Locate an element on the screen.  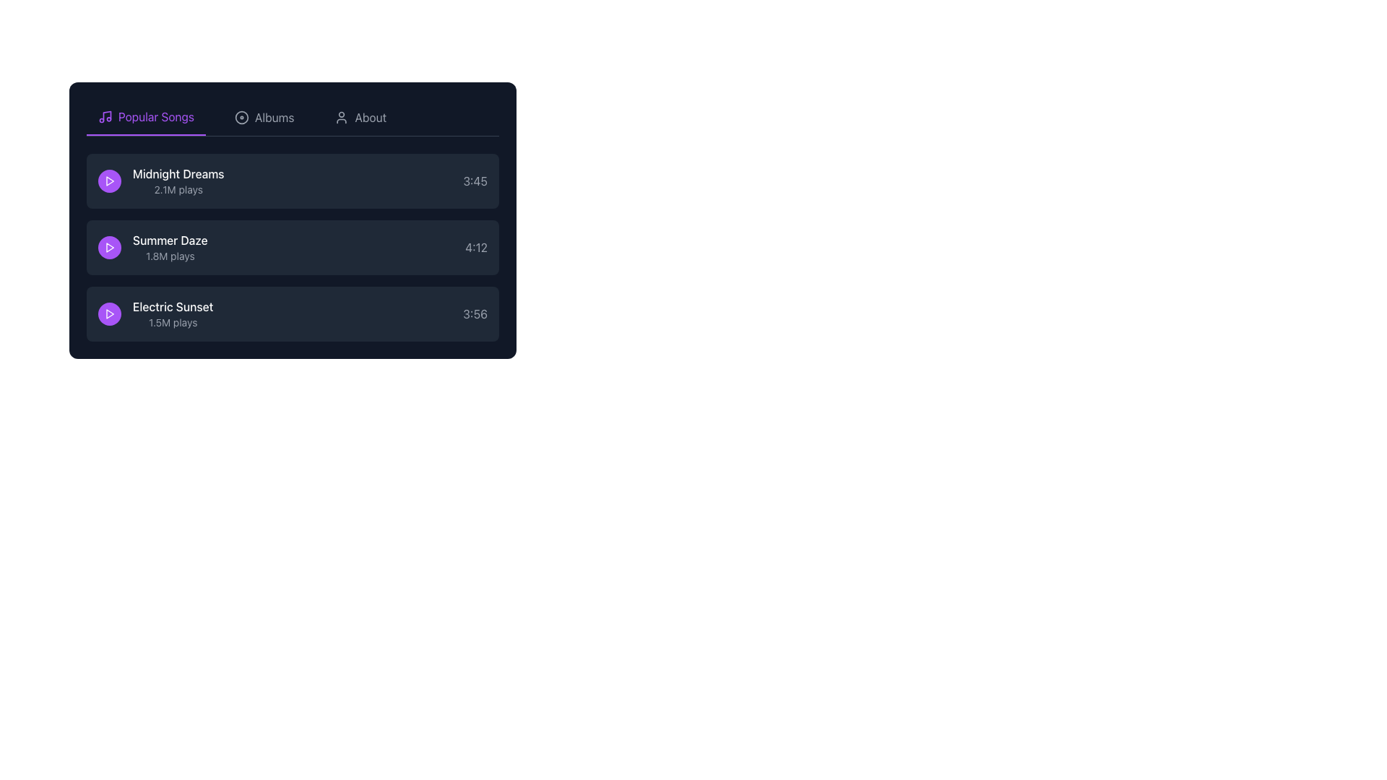
the composite text element displaying the title 'Electric Sunset' and subtitle '1.5M plays', which is positioned to the right of the play button for the track 'Electric Sunset' in the 'Popular Songs' list is located at coordinates (173, 313).